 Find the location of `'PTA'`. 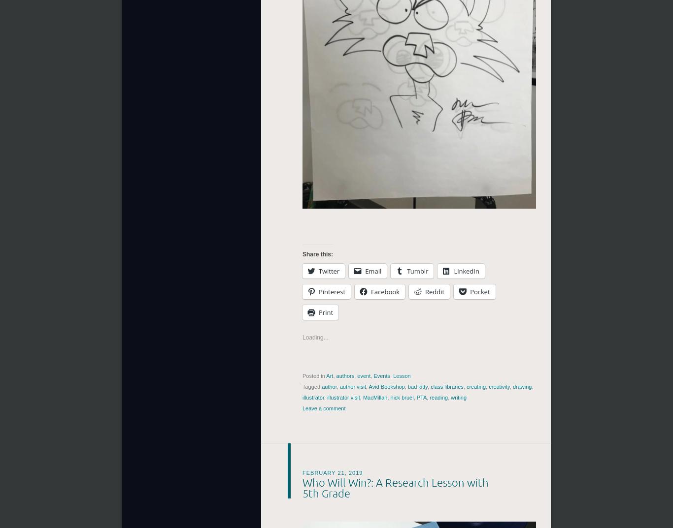

'PTA' is located at coordinates (421, 397).